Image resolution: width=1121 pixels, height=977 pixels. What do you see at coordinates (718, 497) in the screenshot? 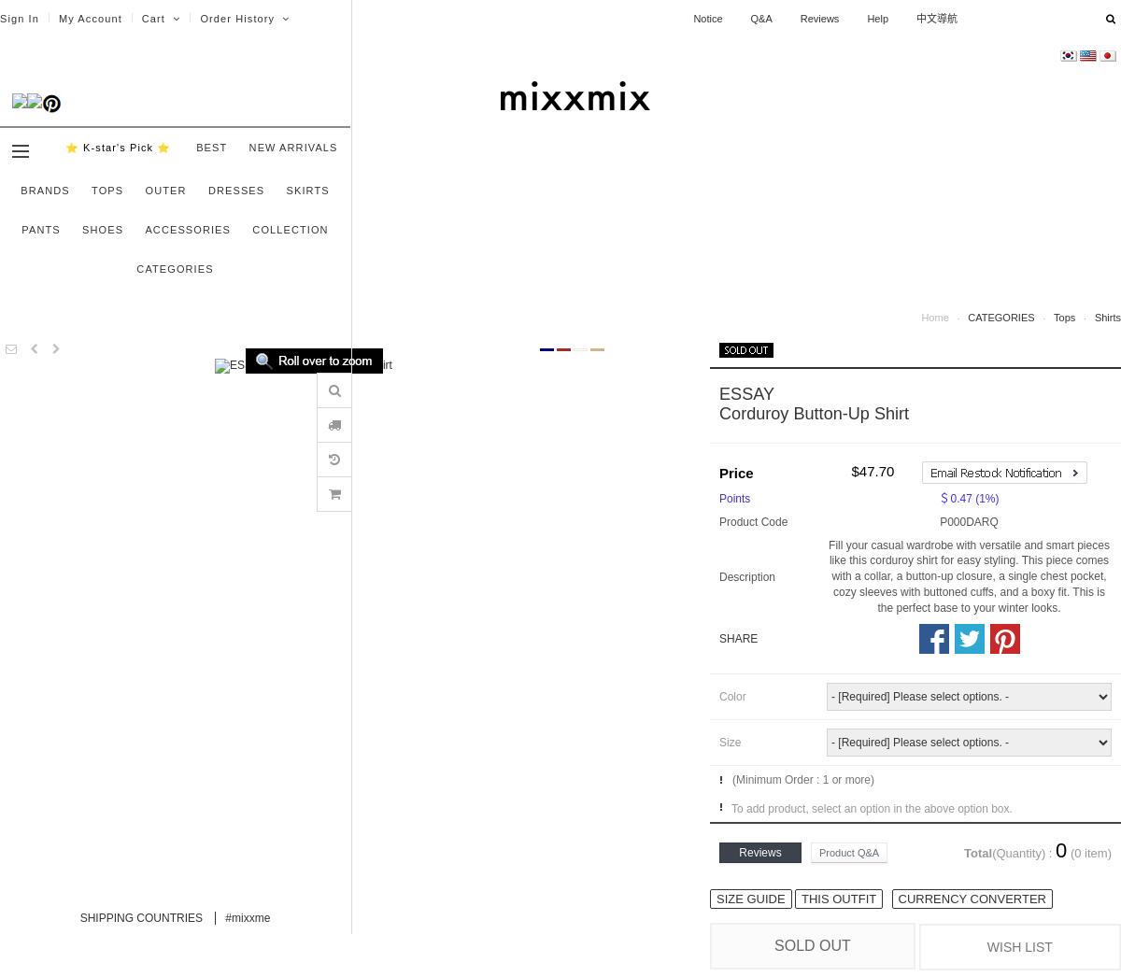
I see `'Points'` at bounding box center [718, 497].